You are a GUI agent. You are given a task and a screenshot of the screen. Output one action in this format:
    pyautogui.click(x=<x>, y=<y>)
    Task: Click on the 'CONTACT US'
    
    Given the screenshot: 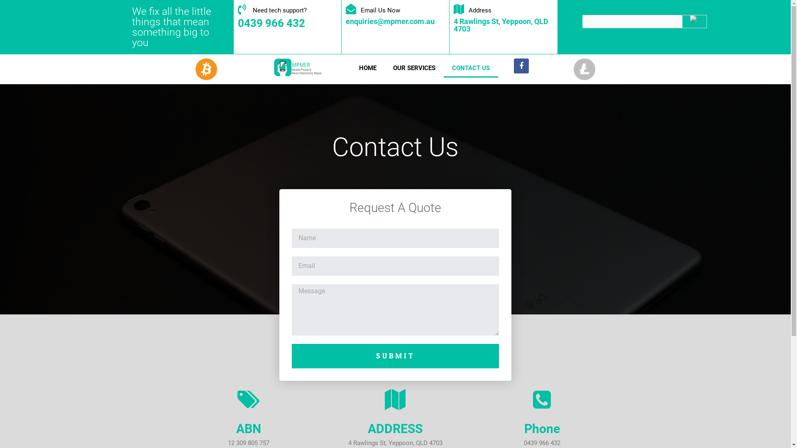 What is the action you would take?
    pyautogui.click(x=471, y=68)
    